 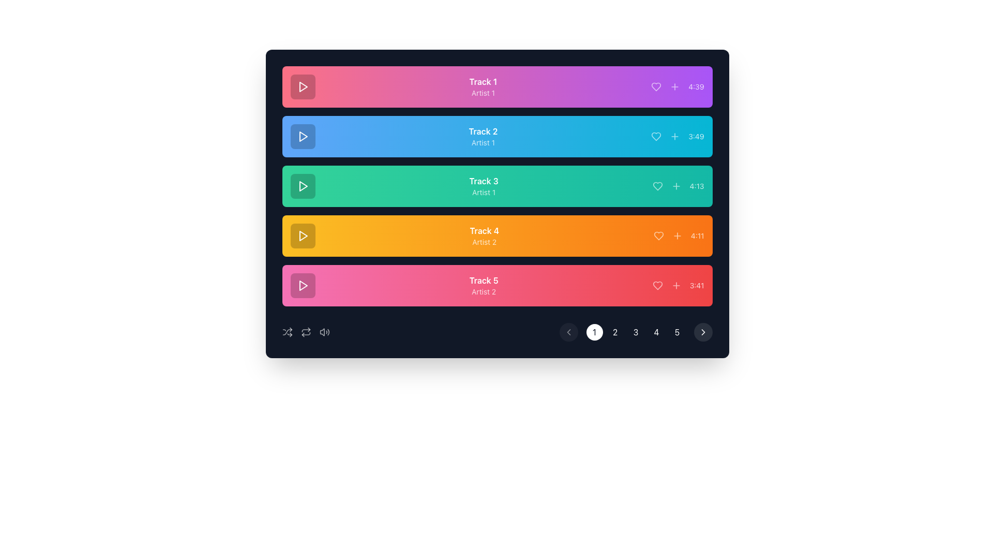 What do you see at coordinates (483, 86) in the screenshot?
I see `the Text display area that shows 'Track 1' and 'Artist 1', located centrally in the first row of a vertical list, between a play button and various interaction icons` at bounding box center [483, 86].